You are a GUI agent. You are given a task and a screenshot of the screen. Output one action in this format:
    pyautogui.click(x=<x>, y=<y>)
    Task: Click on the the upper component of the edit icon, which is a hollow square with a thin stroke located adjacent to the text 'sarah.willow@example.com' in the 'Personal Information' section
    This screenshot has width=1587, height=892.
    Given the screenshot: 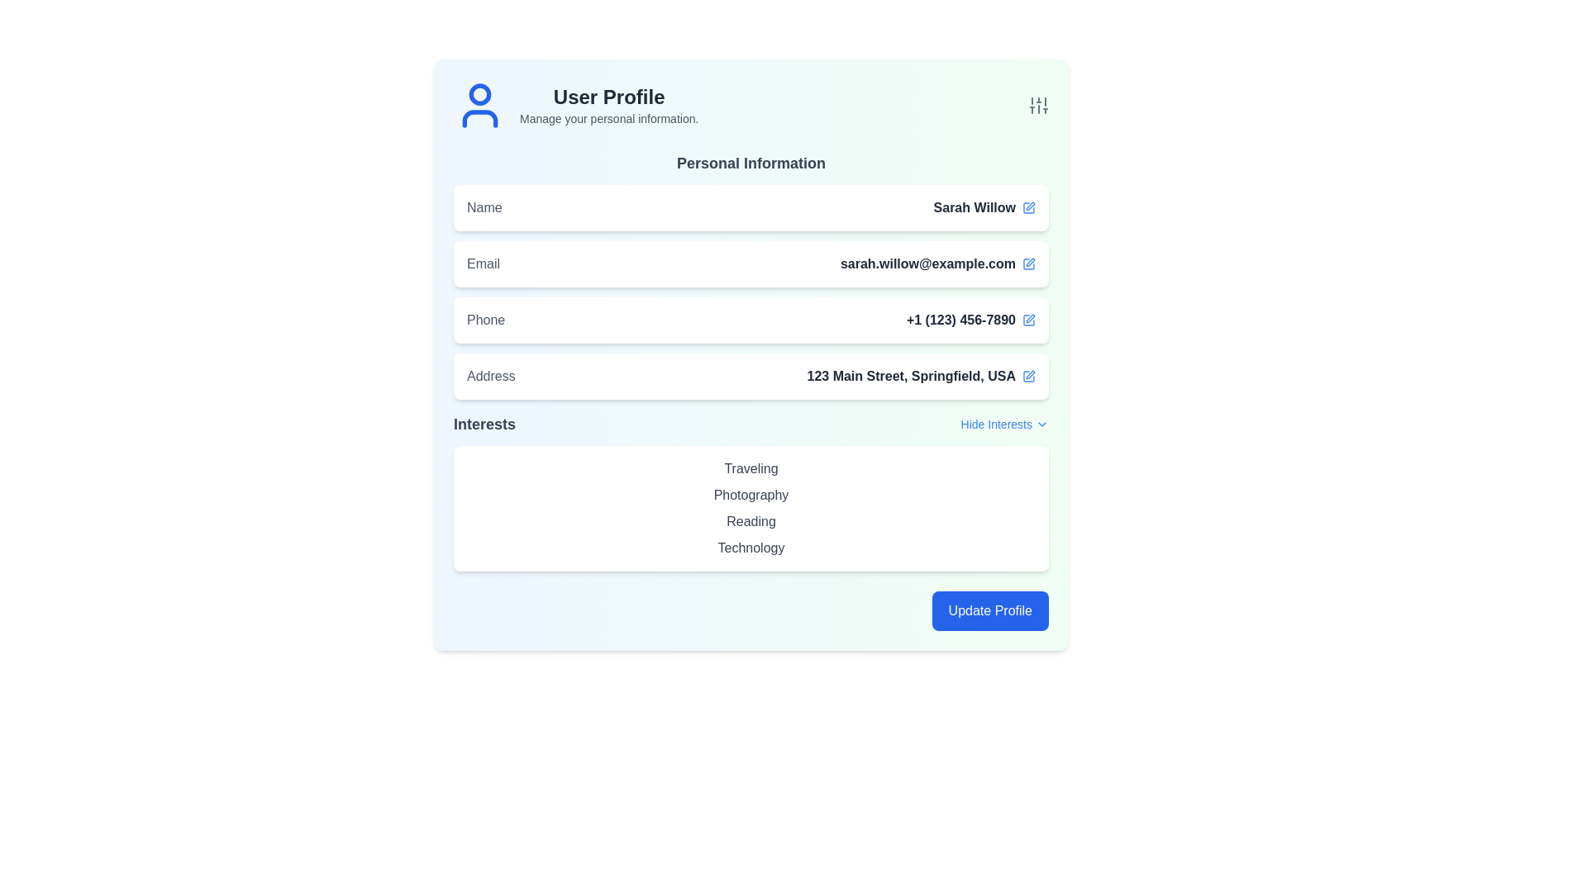 What is the action you would take?
    pyautogui.click(x=1027, y=263)
    